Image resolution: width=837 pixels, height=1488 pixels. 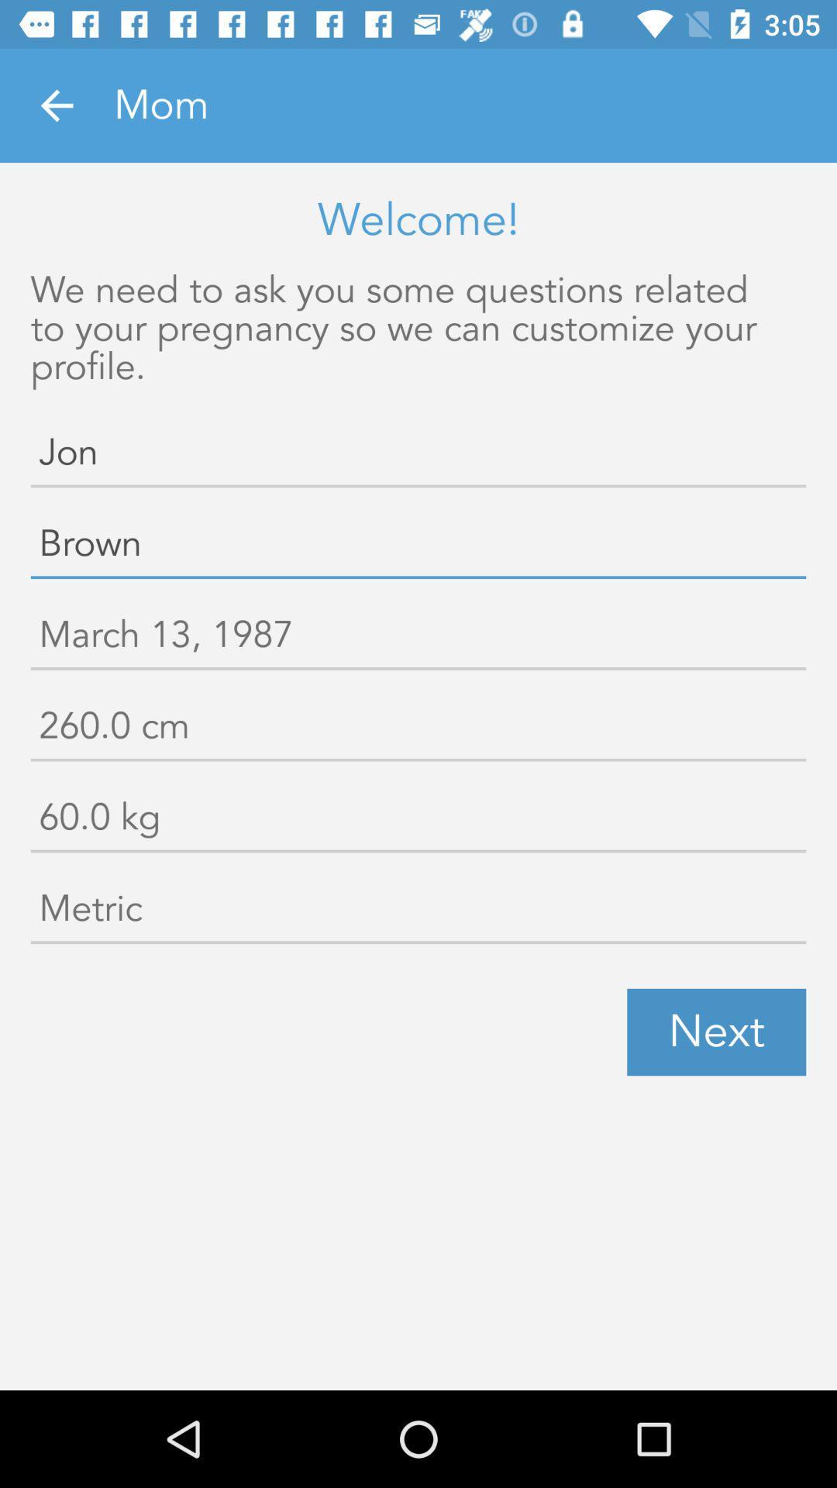 I want to click on next item, so click(x=716, y=1032).